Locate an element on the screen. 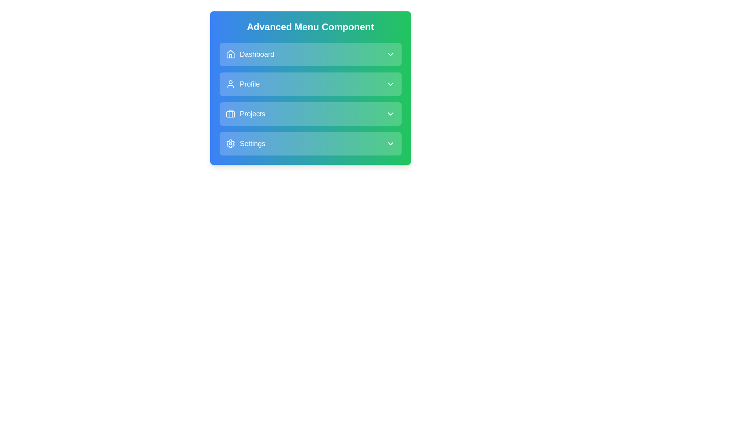 The height and width of the screenshot is (423, 753). the 'Settings' static text label which is the fourth item in the vertical list of menu options within the 'Advanced Menu Component' is located at coordinates (252, 143).